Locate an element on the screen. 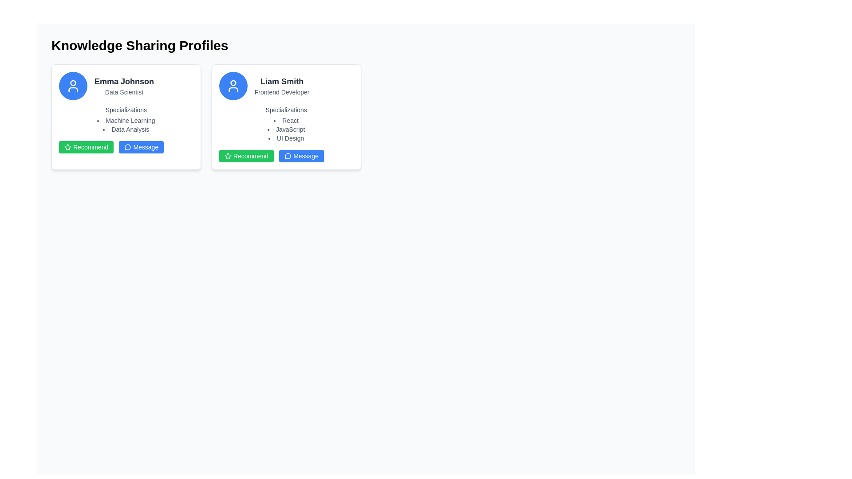 This screenshot has width=852, height=479. the static text label element containing the text 'Specializations', which is styled with a medium-sized gray font and serves as a heading for the list of specializations is located at coordinates (126, 109).